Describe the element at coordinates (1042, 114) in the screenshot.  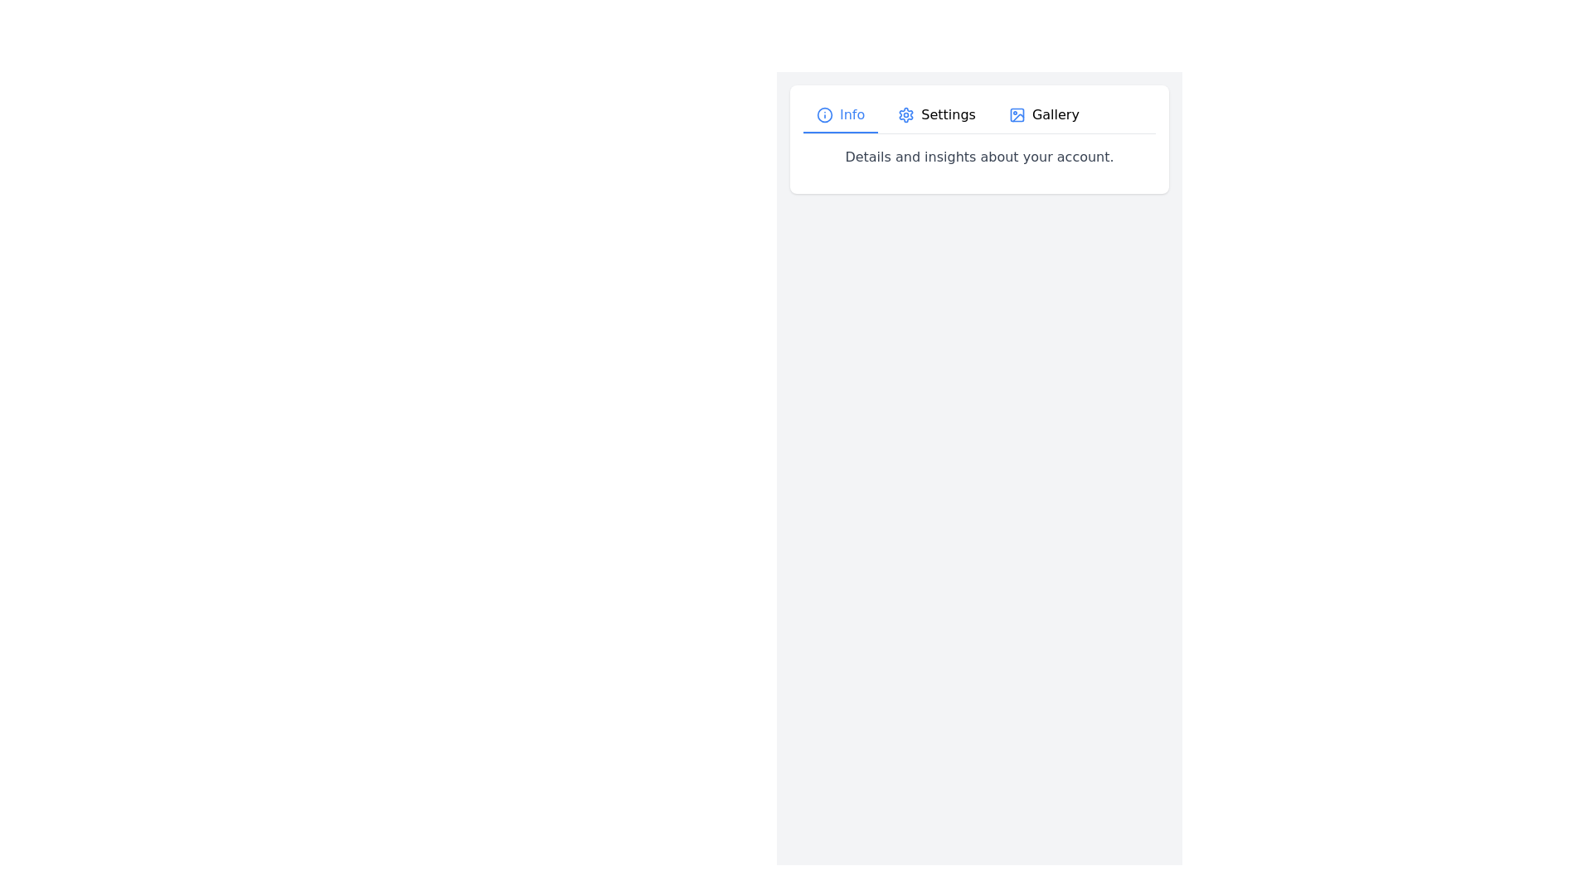
I see `the 'Gallery' tab in the navigation bar` at that location.